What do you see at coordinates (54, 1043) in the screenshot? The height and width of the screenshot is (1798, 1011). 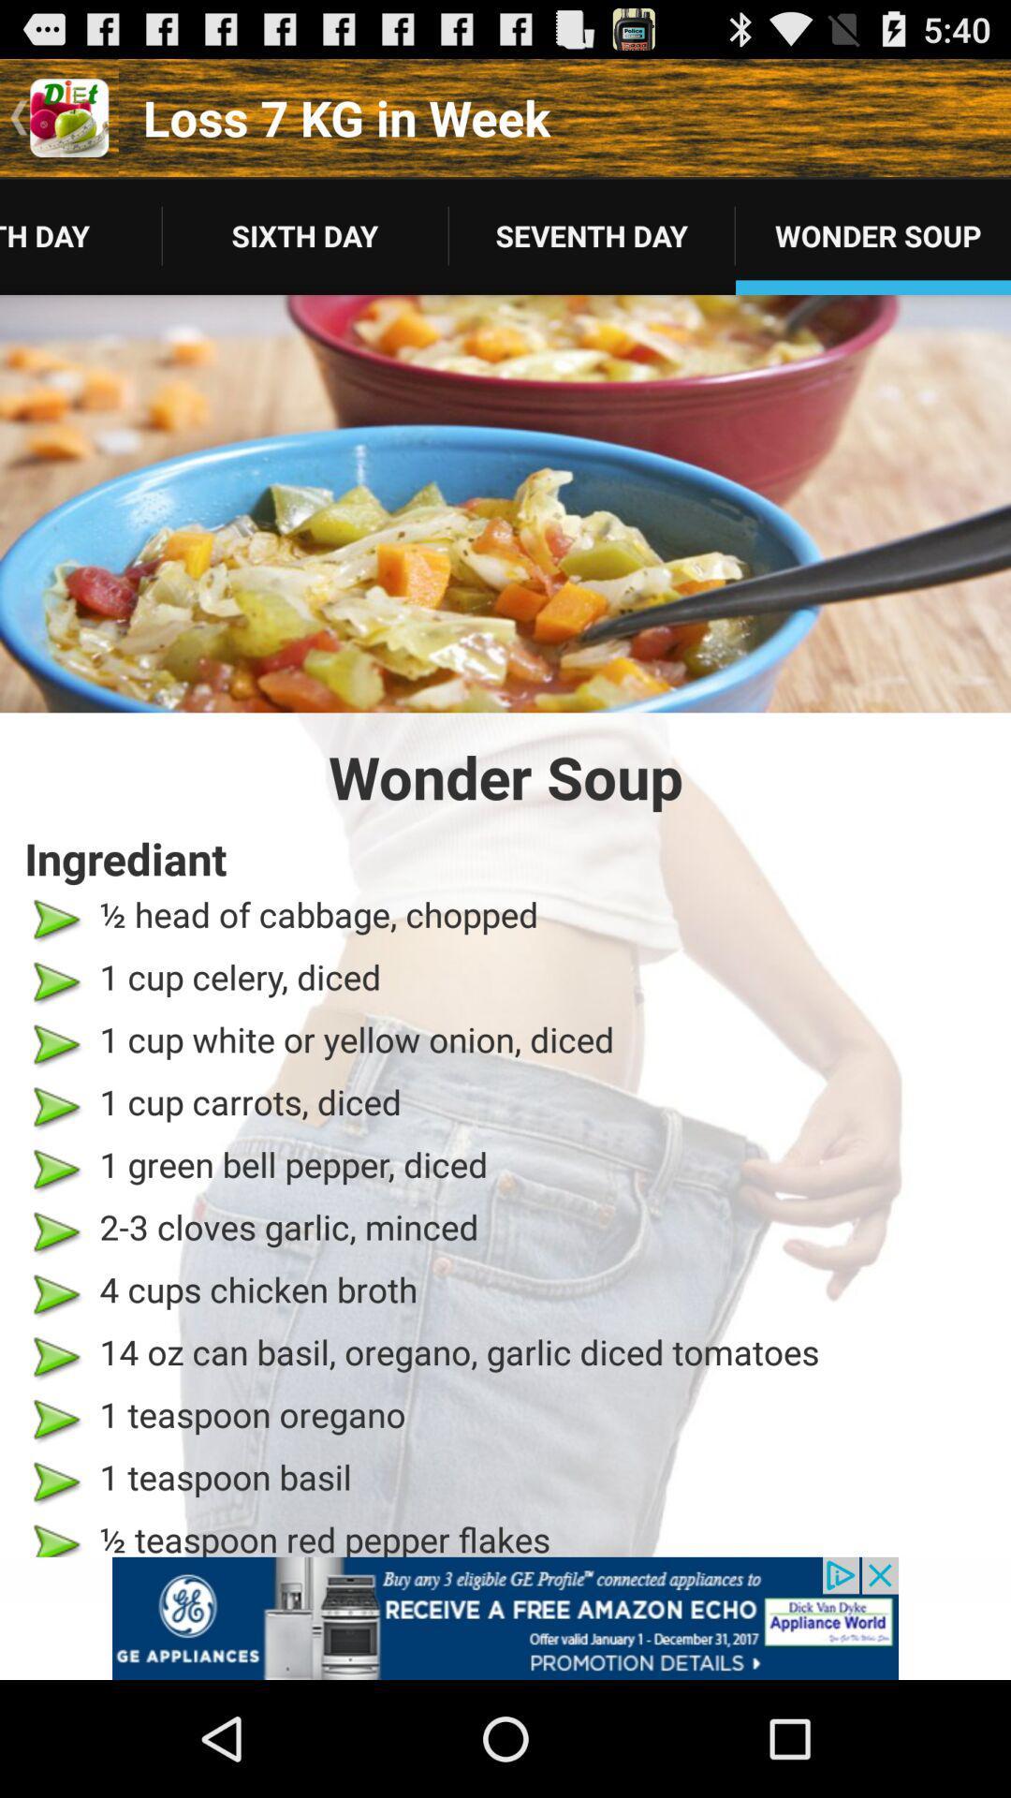 I see `the third green arrow near 1 cup white or yellow oniondiced` at bounding box center [54, 1043].